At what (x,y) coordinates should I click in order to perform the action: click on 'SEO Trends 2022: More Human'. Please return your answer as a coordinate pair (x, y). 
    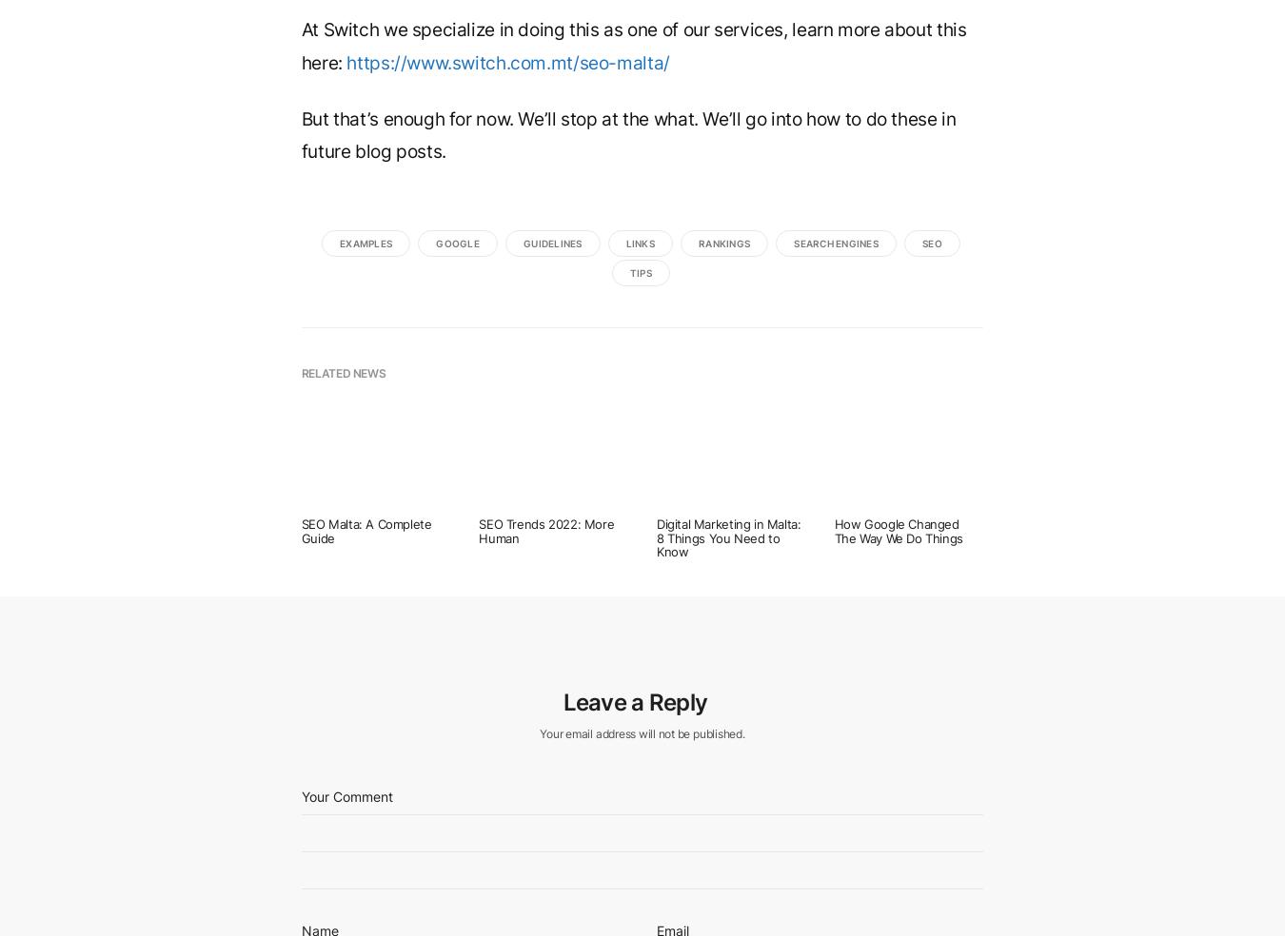
    Looking at the image, I should click on (546, 530).